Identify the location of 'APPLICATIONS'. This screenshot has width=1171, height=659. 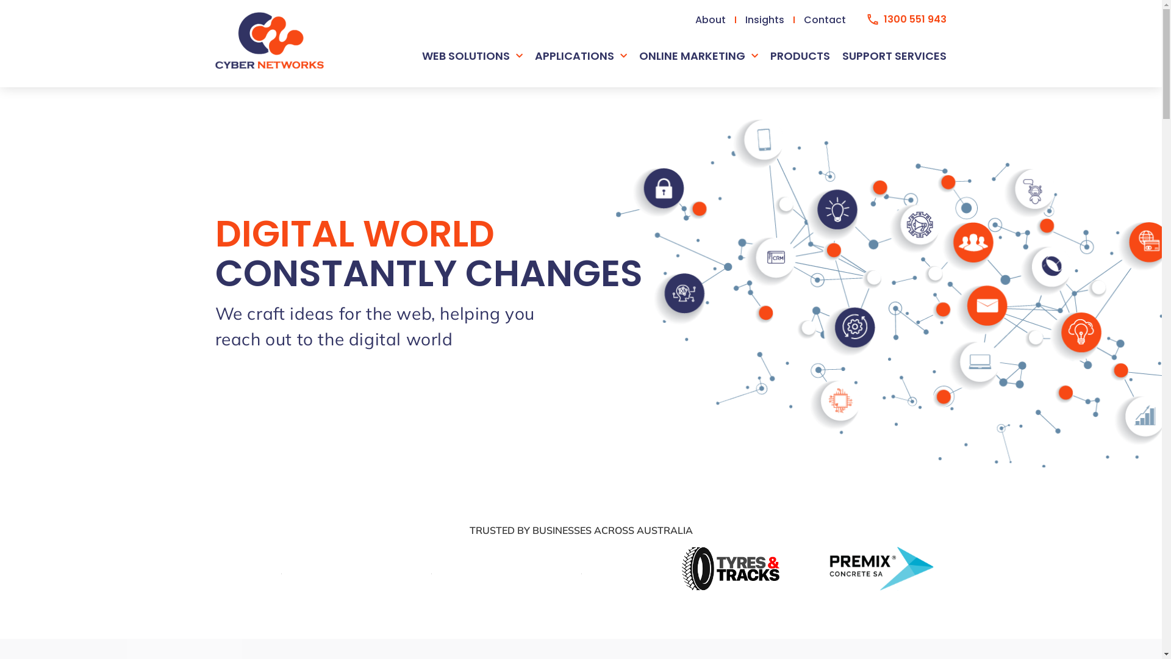
(580, 56).